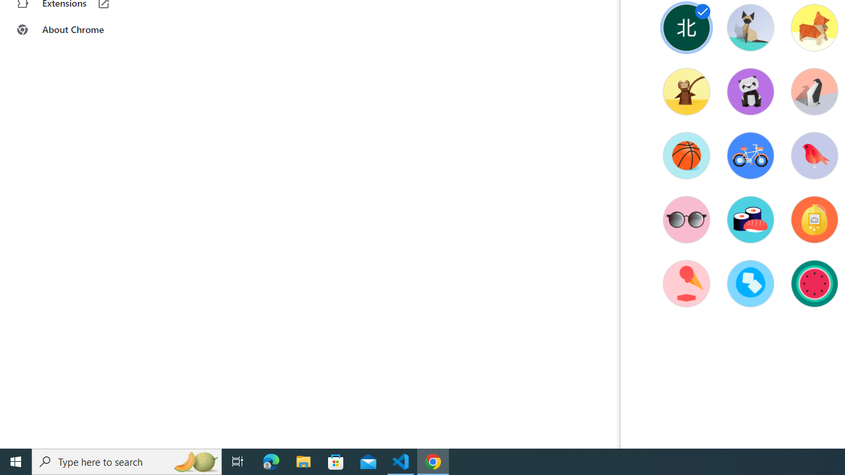 The width and height of the screenshot is (845, 475). I want to click on 'About Chrome', so click(81, 30).